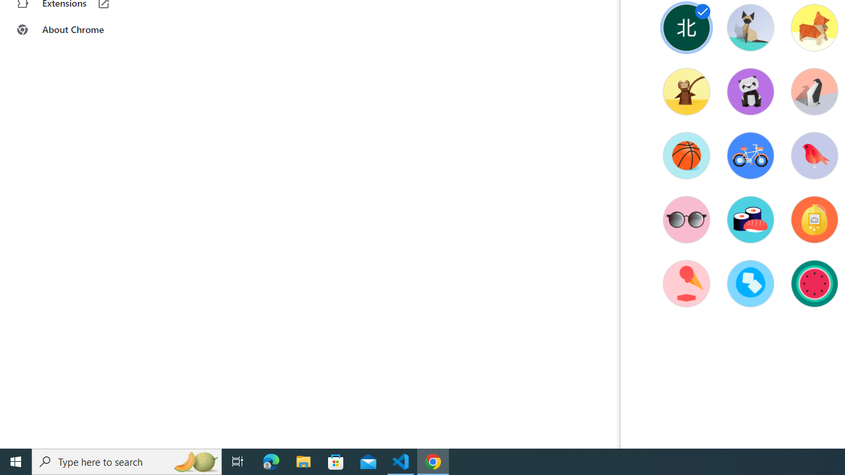 The width and height of the screenshot is (845, 475). I want to click on 'About Chrome', so click(81, 30).